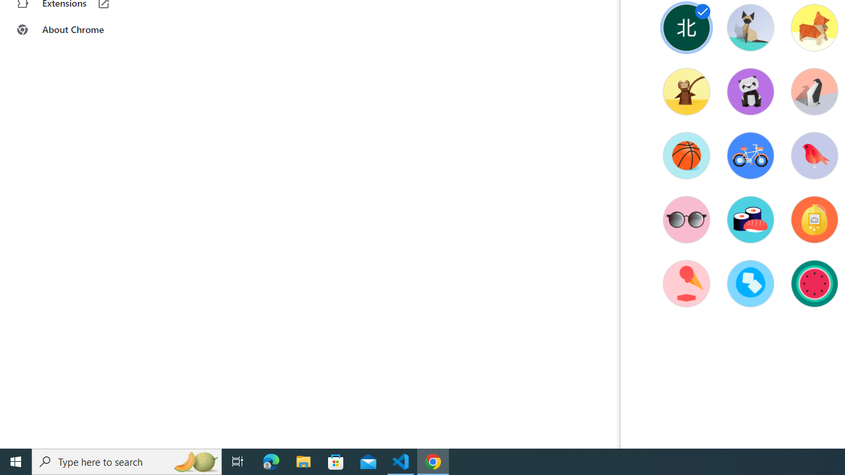 The width and height of the screenshot is (845, 475). I want to click on 'About Chrome', so click(81, 30).